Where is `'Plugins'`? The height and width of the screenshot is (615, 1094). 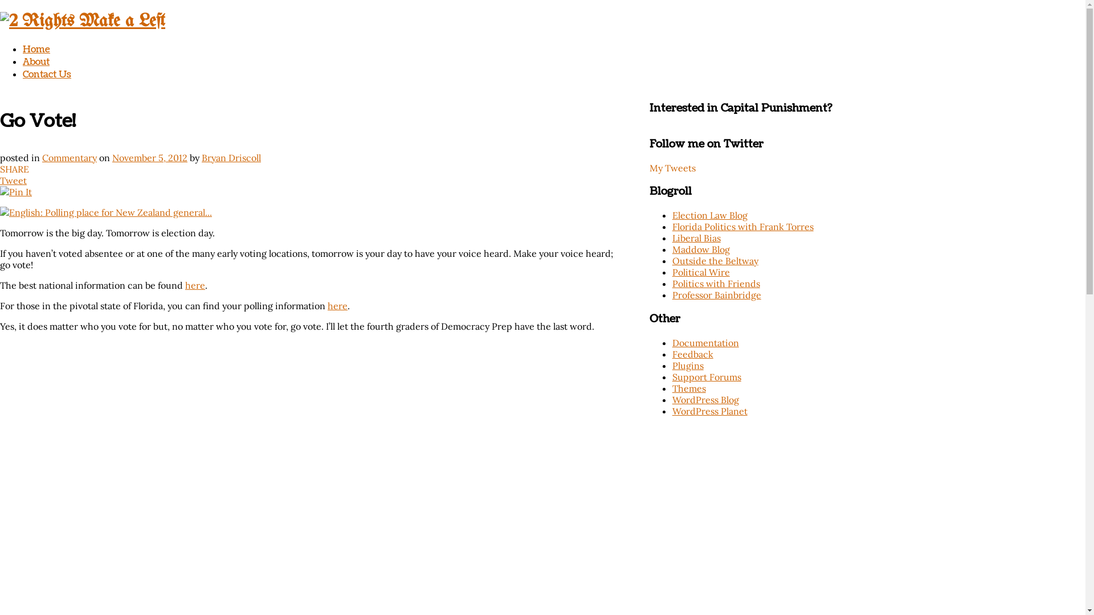 'Plugins' is located at coordinates (687, 365).